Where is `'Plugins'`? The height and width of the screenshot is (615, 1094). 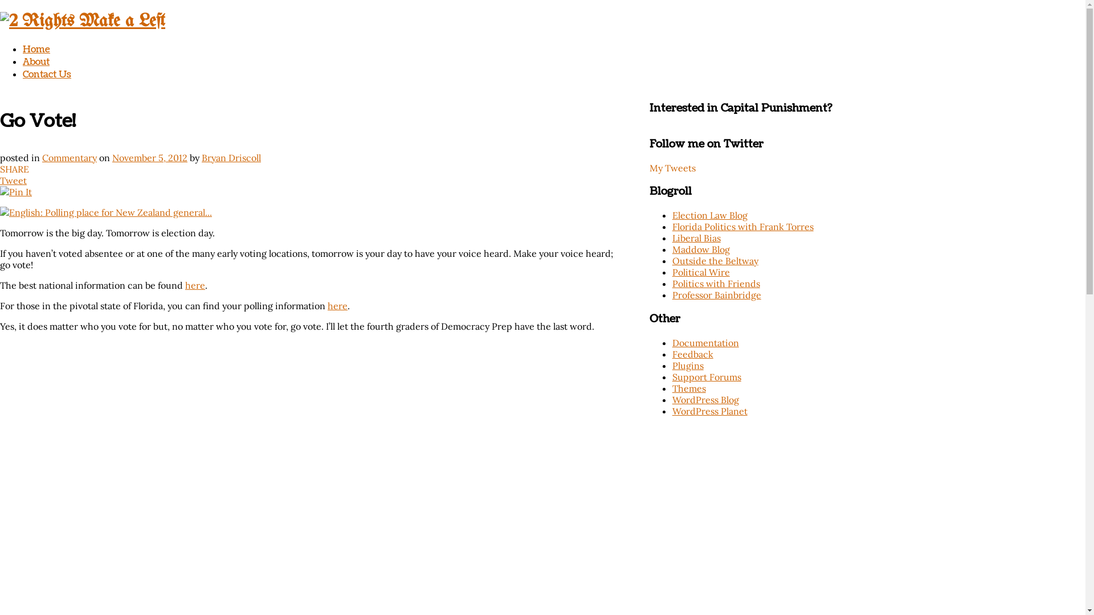 'Plugins' is located at coordinates (687, 365).